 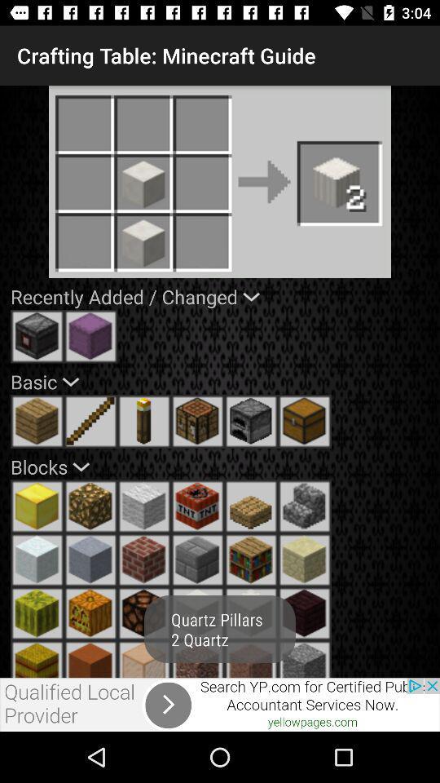 I want to click on item in item list, so click(x=144, y=659).